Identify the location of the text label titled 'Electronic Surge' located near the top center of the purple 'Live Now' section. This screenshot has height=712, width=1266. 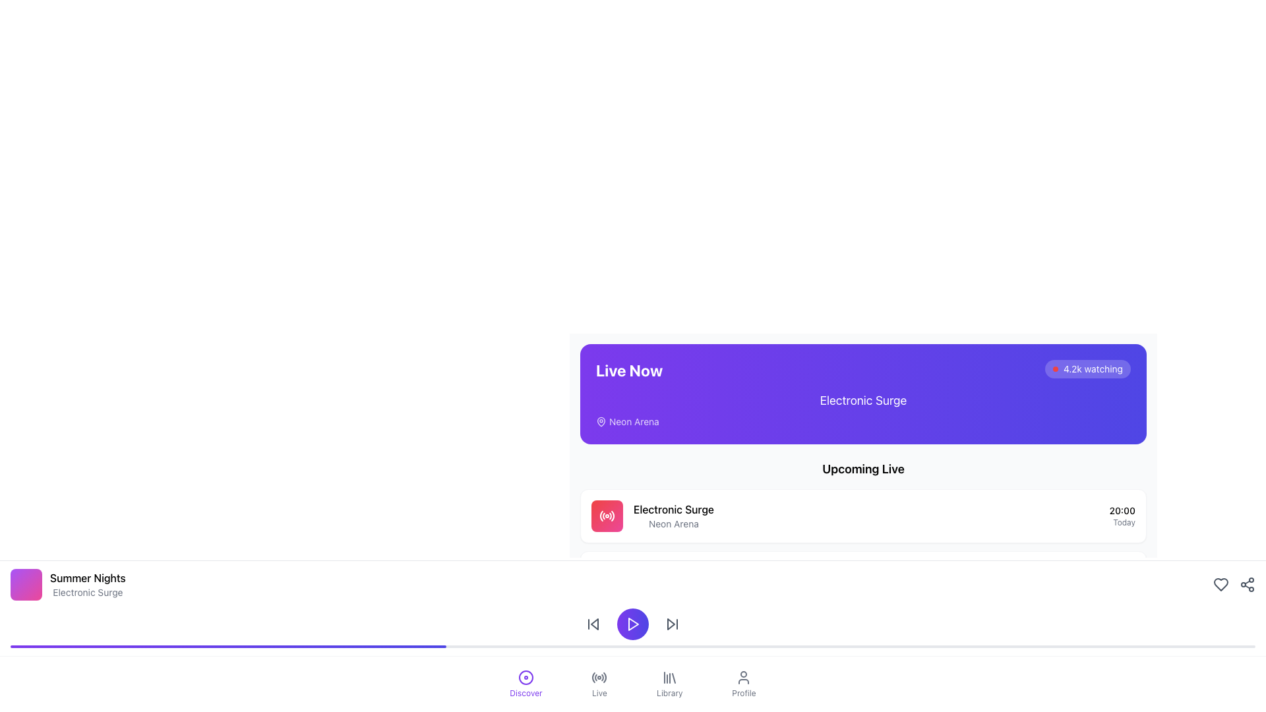
(863, 400).